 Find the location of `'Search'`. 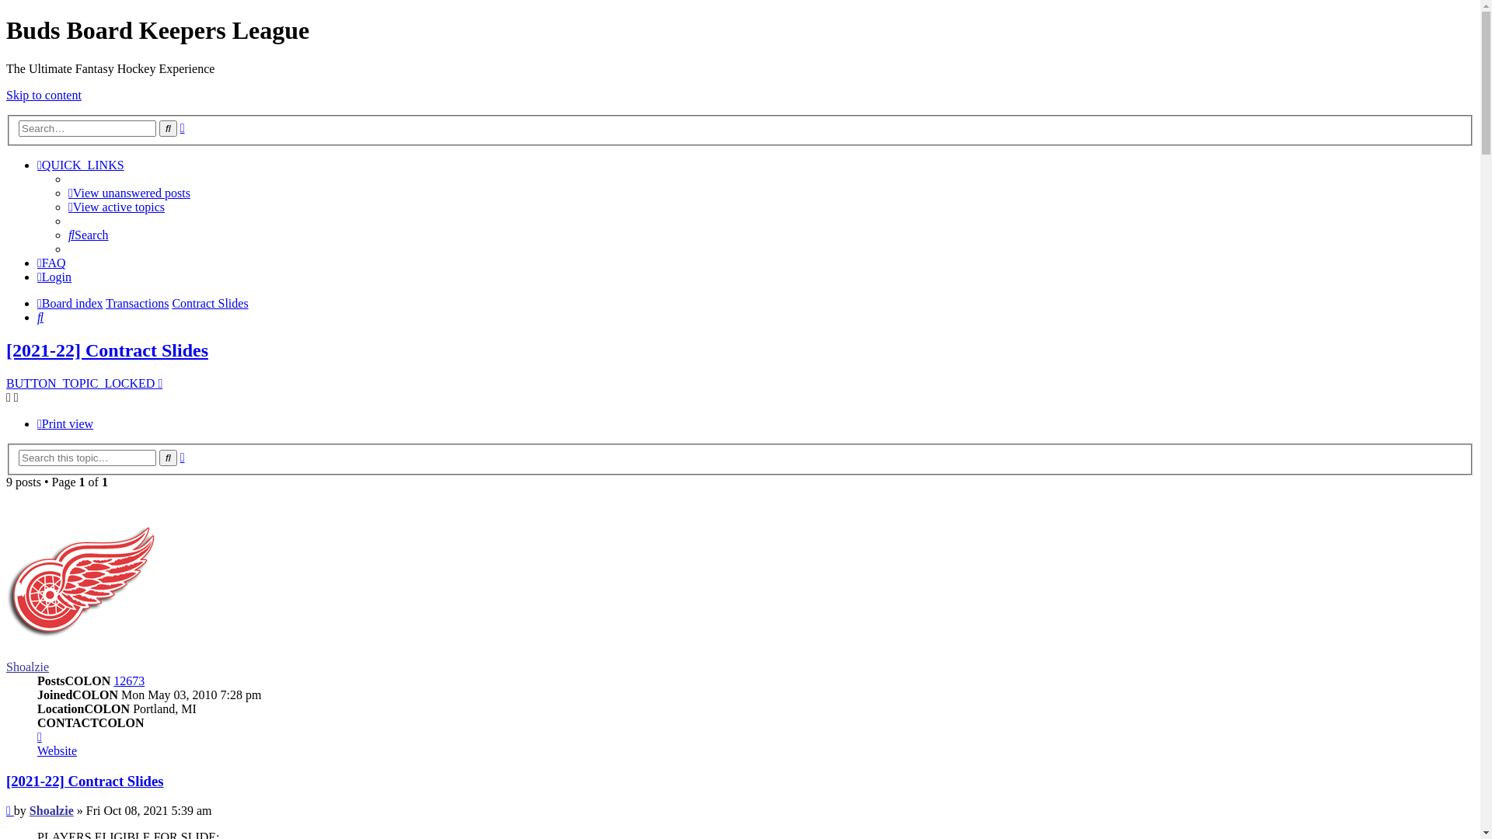

'Search' is located at coordinates (40, 316).